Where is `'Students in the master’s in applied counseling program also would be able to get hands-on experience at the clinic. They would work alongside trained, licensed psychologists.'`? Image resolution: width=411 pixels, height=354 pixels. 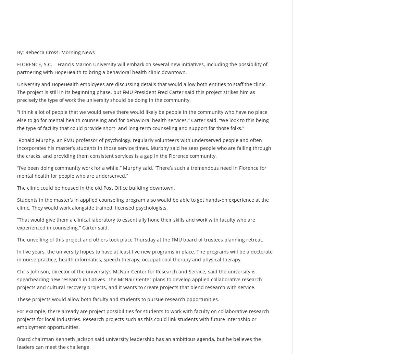
'Students in the master’s in applied counseling program also would be able to get hands-on experience at the clinic. They would work alongside trained, licensed psychologists.' is located at coordinates (17, 203).